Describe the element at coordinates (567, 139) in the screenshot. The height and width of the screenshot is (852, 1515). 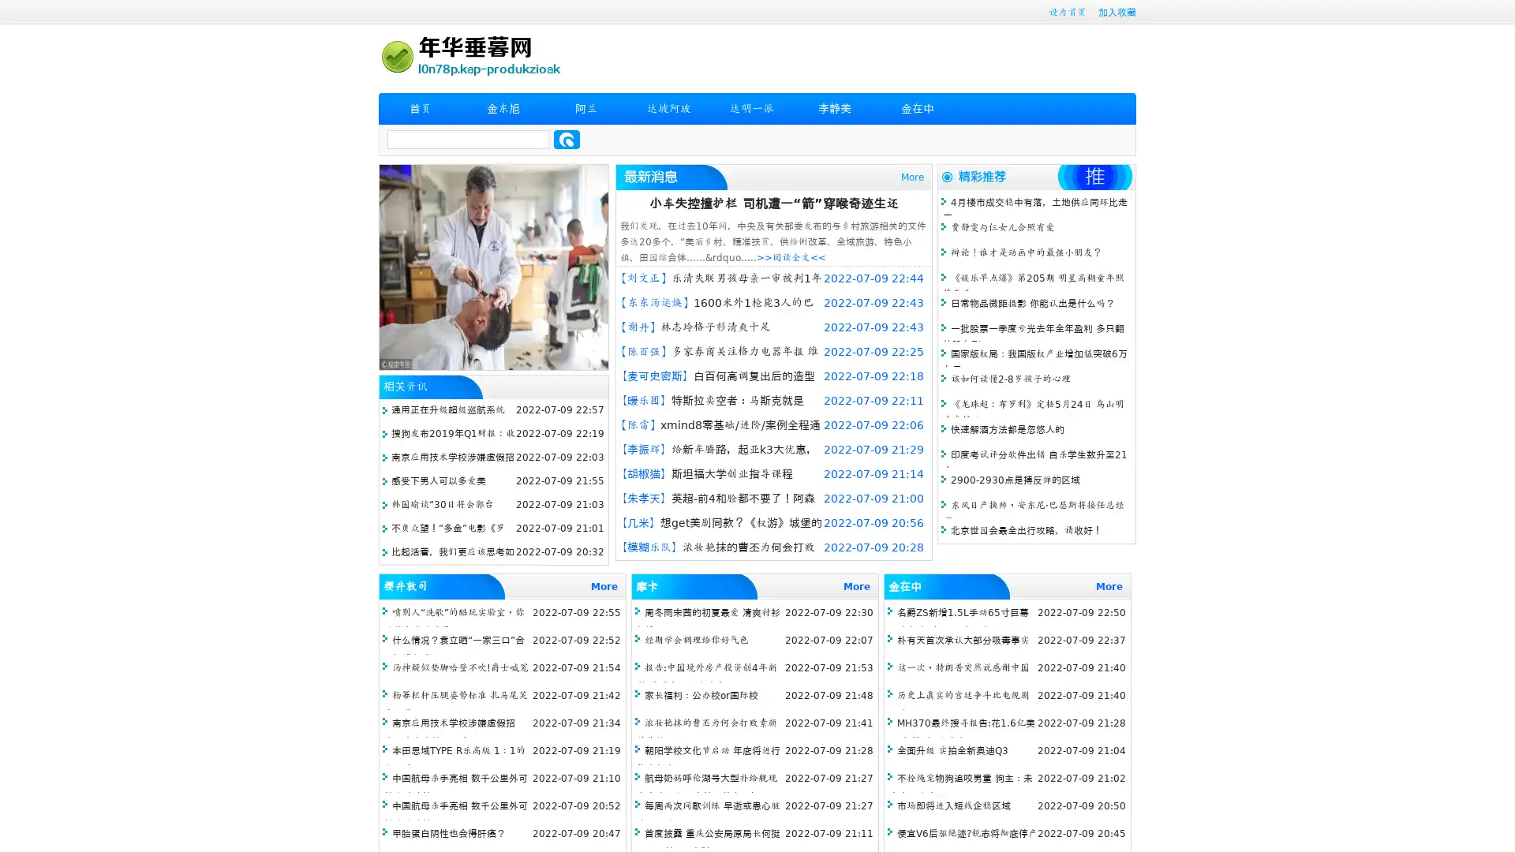
I see `Search` at that location.